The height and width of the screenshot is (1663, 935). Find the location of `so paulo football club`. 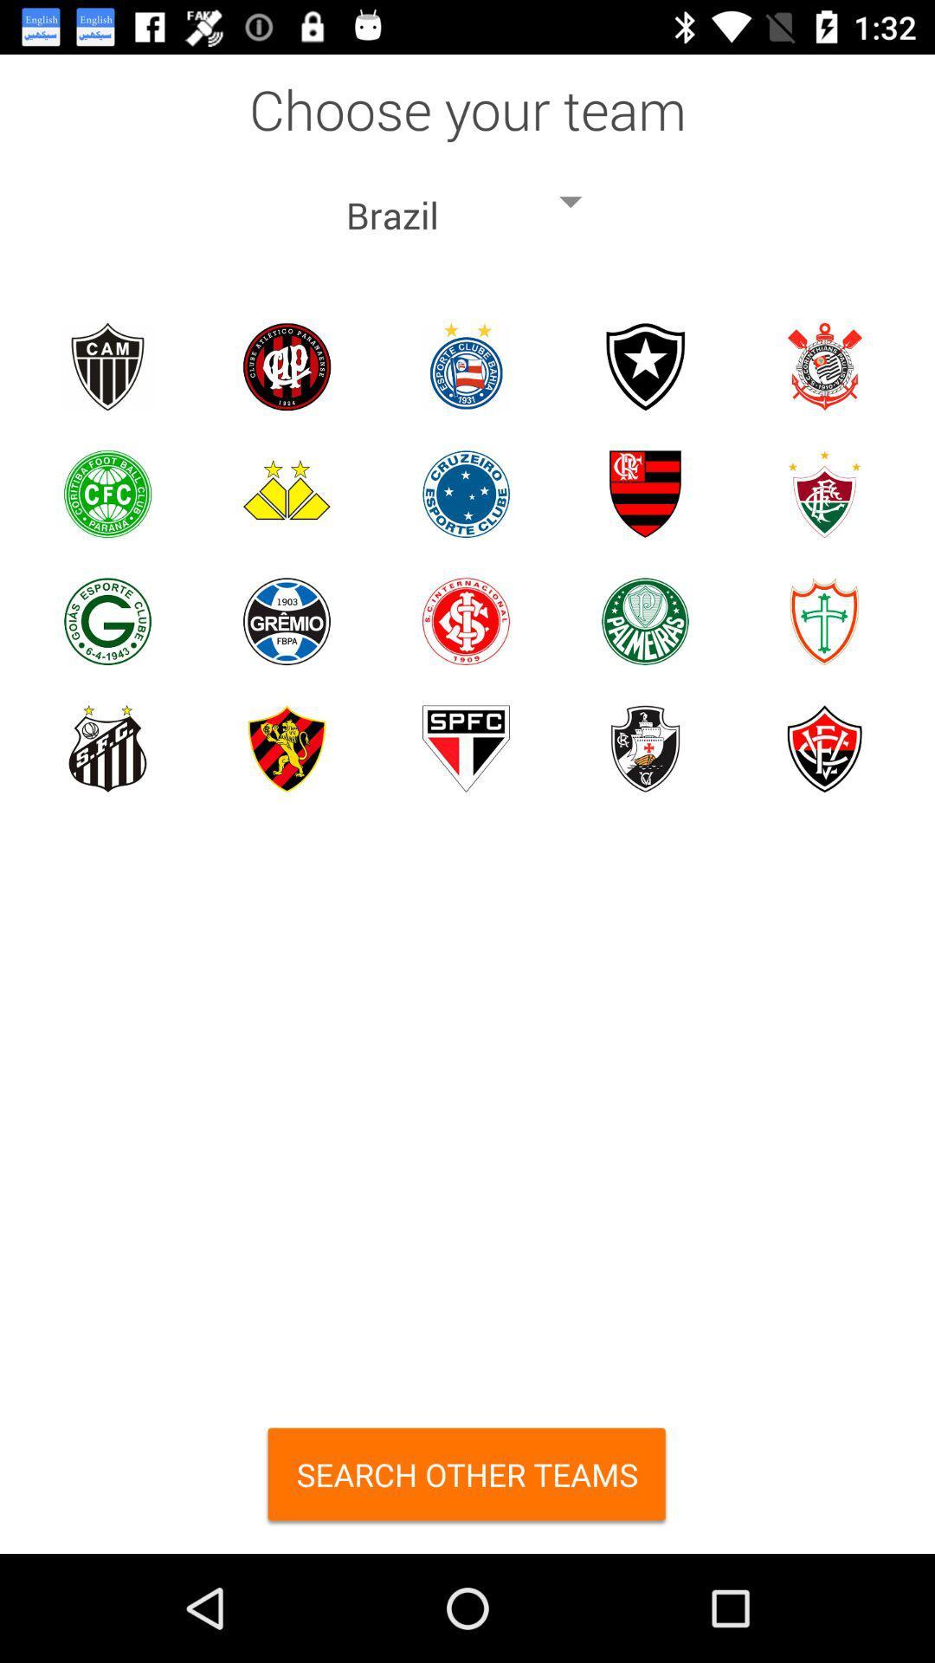

so paulo football club is located at coordinates (465, 748).